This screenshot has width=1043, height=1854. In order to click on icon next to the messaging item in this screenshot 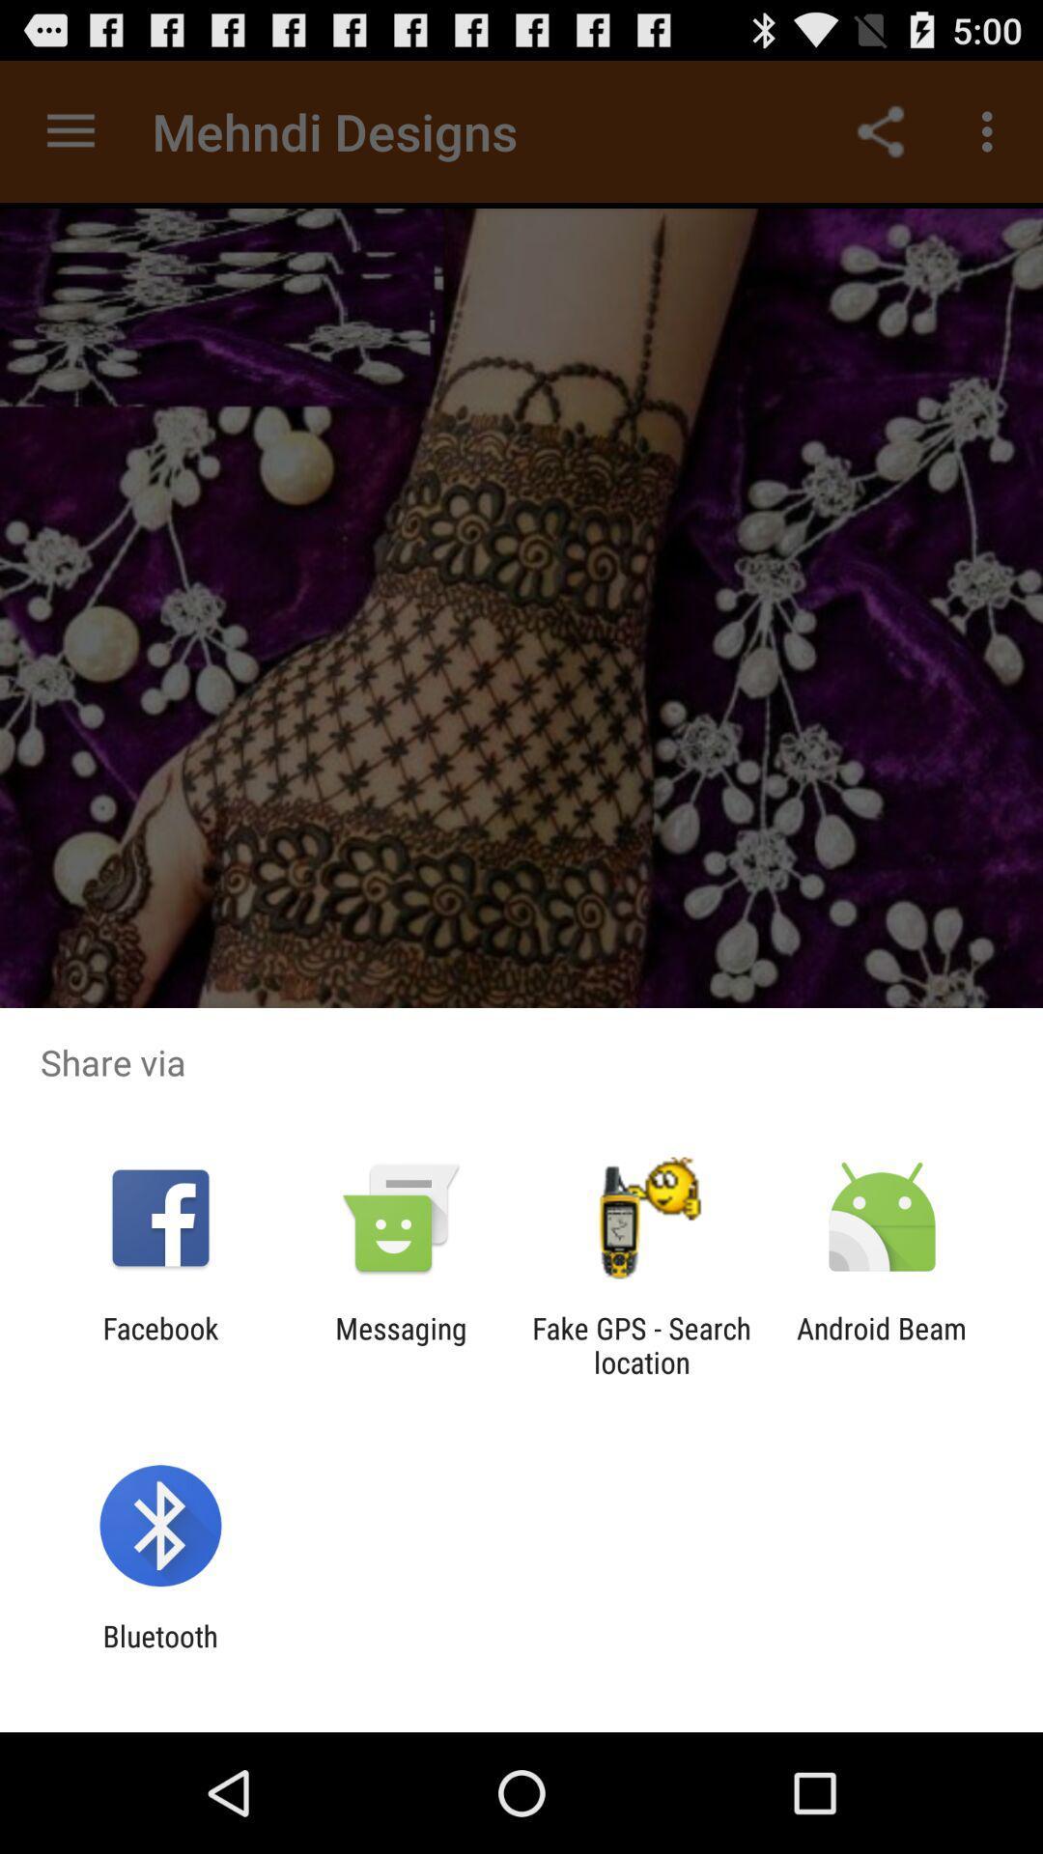, I will do `click(159, 1344)`.